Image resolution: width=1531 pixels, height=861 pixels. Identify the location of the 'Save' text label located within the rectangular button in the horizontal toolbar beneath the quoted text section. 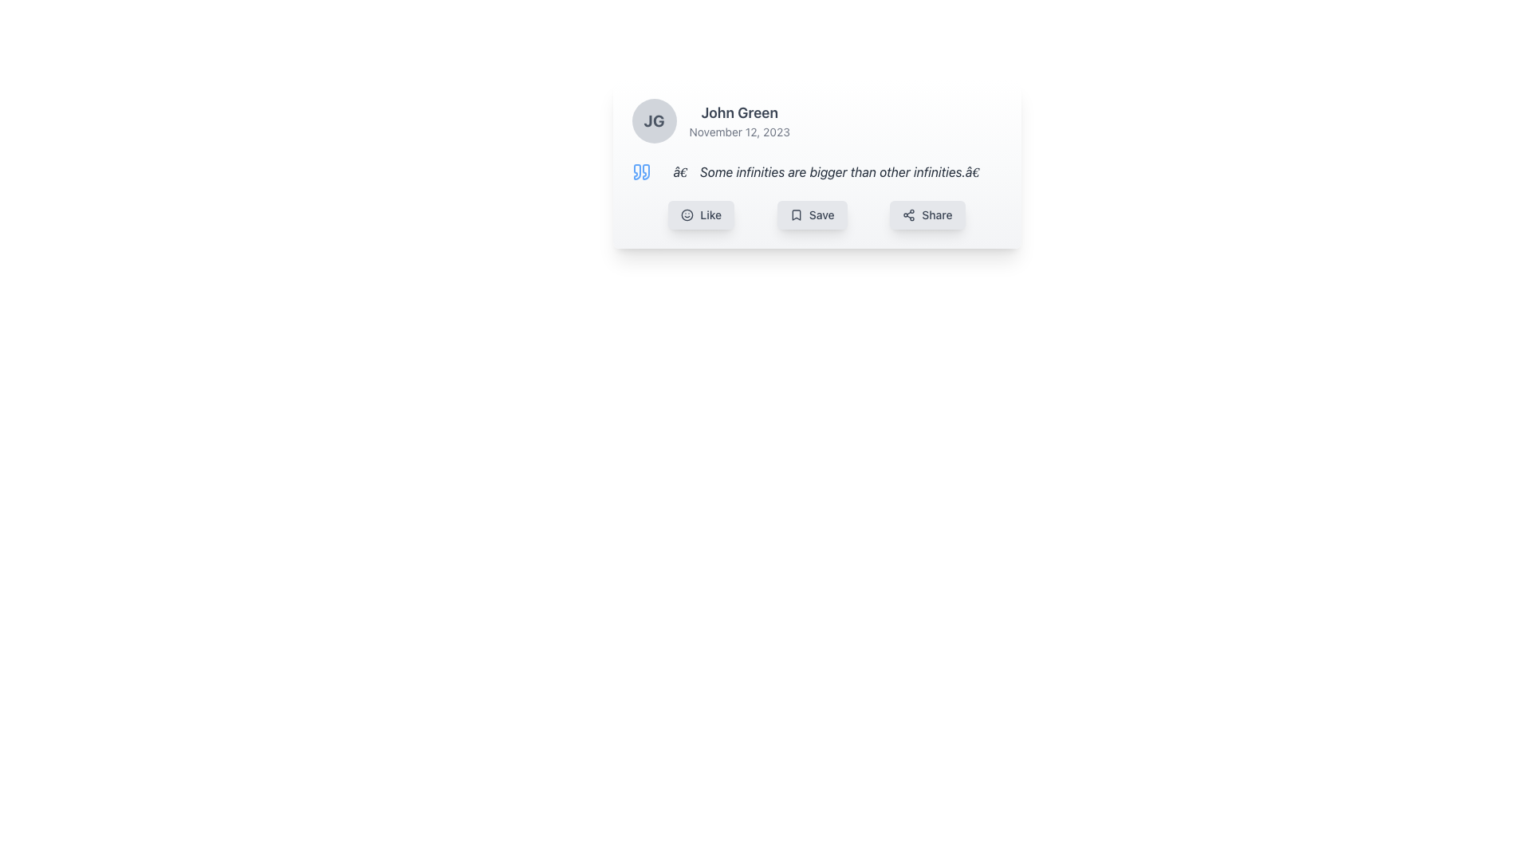
(821, 215).